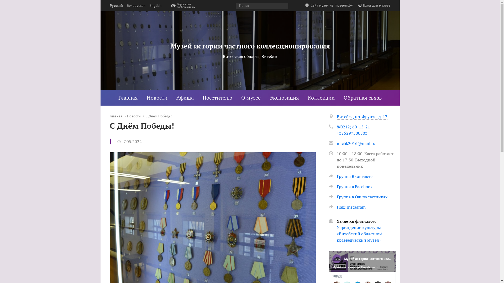  What do you see at coordinates (353, 127) in the screenshot?
I see `'8(0212) 60-15-21'` at bounding box center [353, 127].